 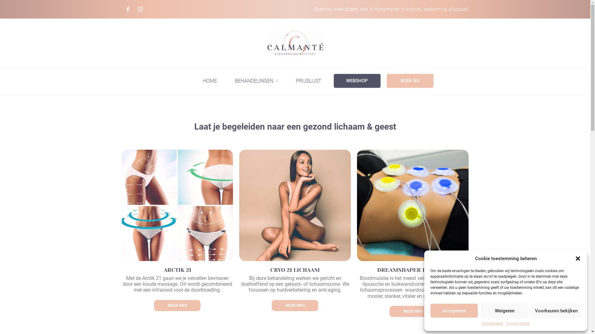 I want to click on 'BOEK NU', so click(x=386, y=80).